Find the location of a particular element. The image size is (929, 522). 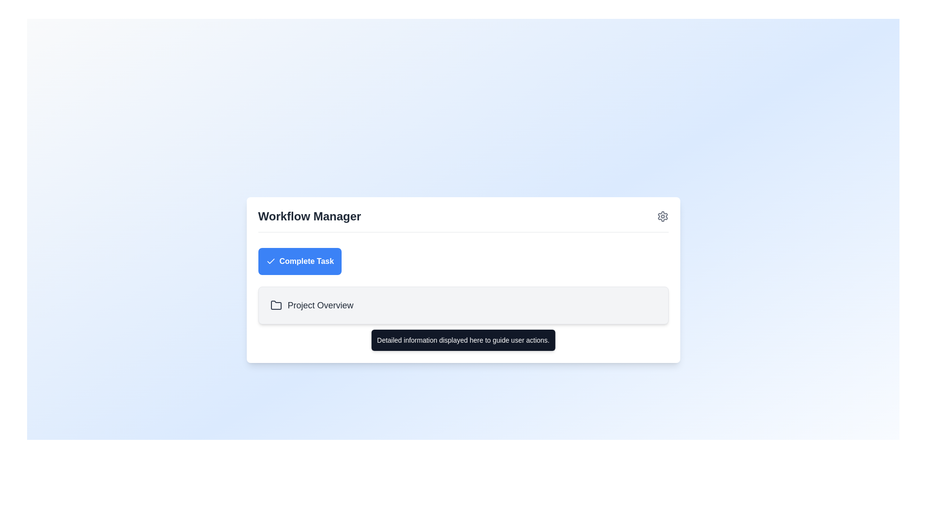

the label or text element located below the blue 'Complete Task' button, adjacent to a small folder icon, which provides context or description for the user is located at coordinates (320, 305).